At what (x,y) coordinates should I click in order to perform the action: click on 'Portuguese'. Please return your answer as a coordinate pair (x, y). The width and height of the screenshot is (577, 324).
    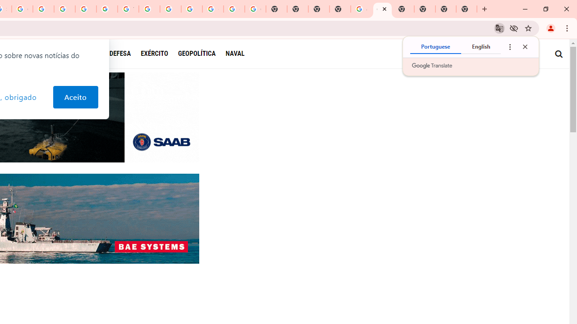
    Looking at the image, I should click on (435, 47).